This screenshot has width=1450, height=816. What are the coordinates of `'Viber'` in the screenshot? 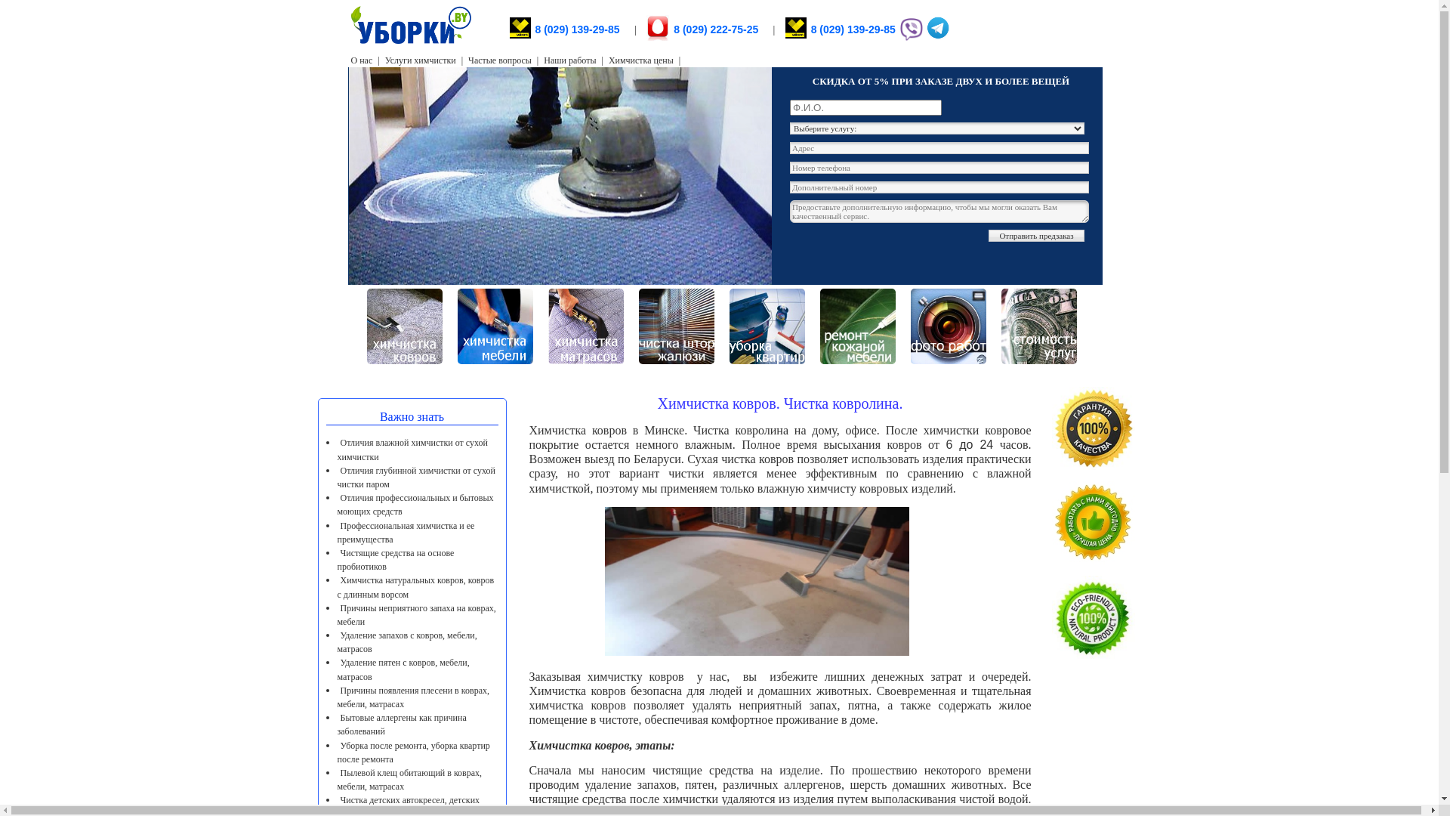 It's located at (899, 37).